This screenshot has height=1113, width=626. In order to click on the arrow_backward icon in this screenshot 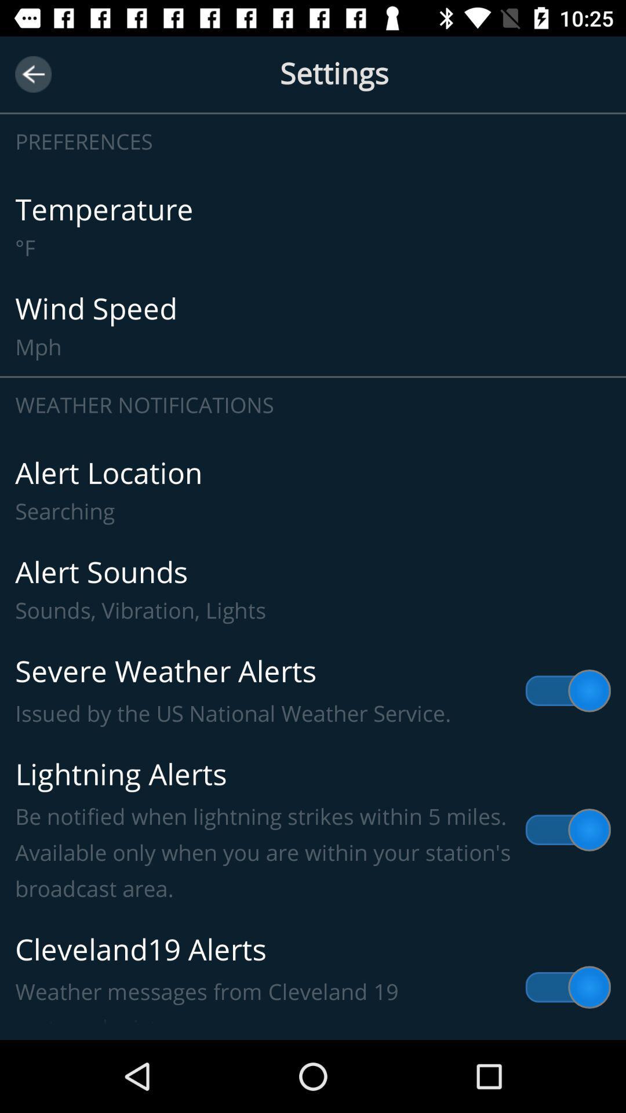, I will do `click(32, 74)`.